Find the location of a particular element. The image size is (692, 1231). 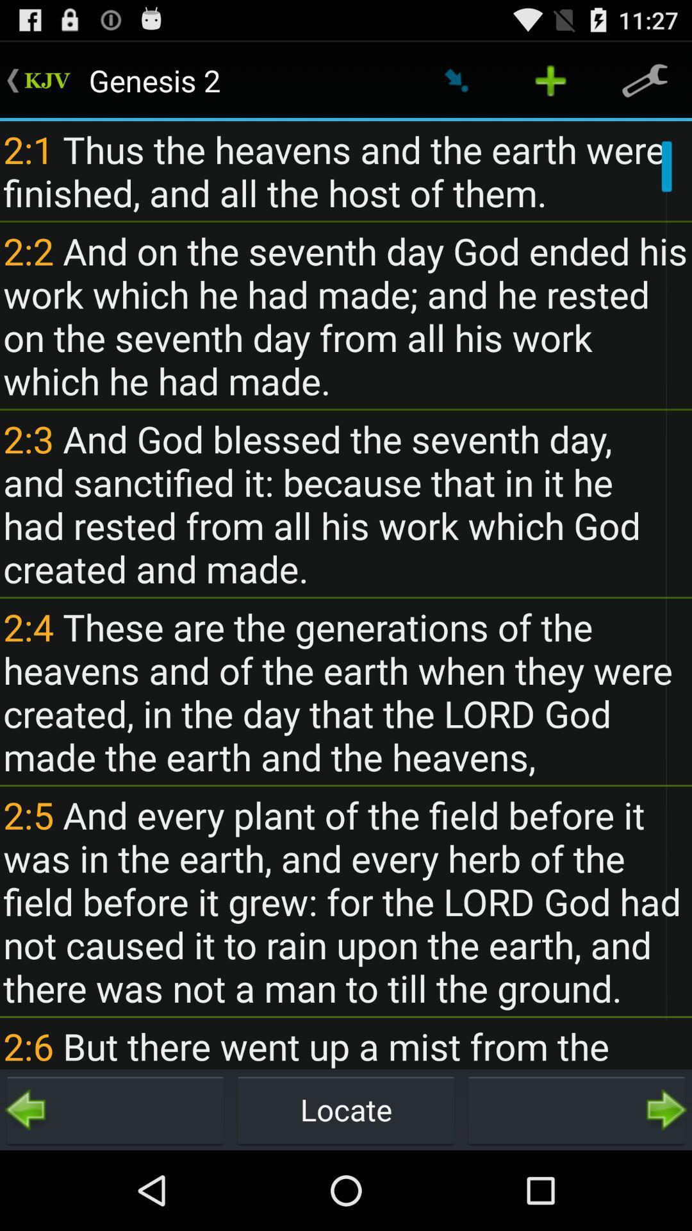

next page is located at coordinates (575, 1109).